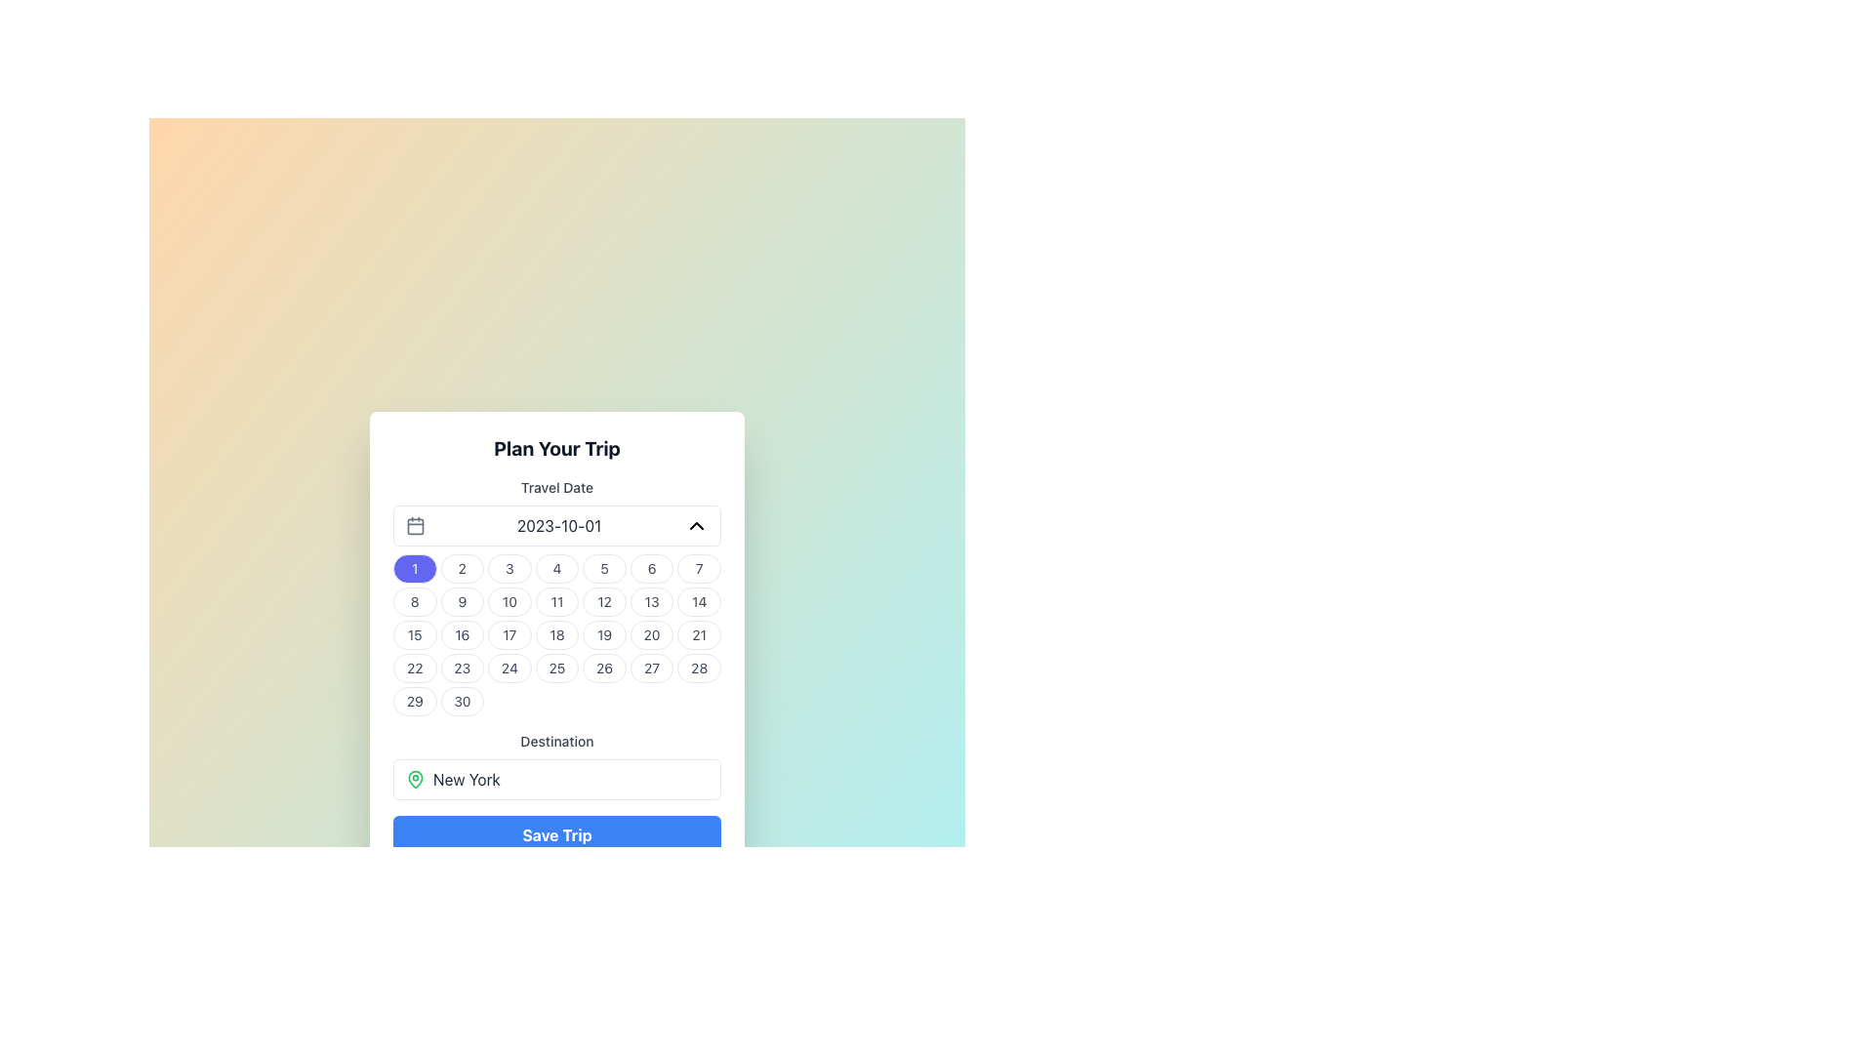 This screenshot has height=1054, width=1874. Describe the element at coordinates (414, 635) in the screenshot. I see `the button displaying '15' in the calendar interface` at that location.